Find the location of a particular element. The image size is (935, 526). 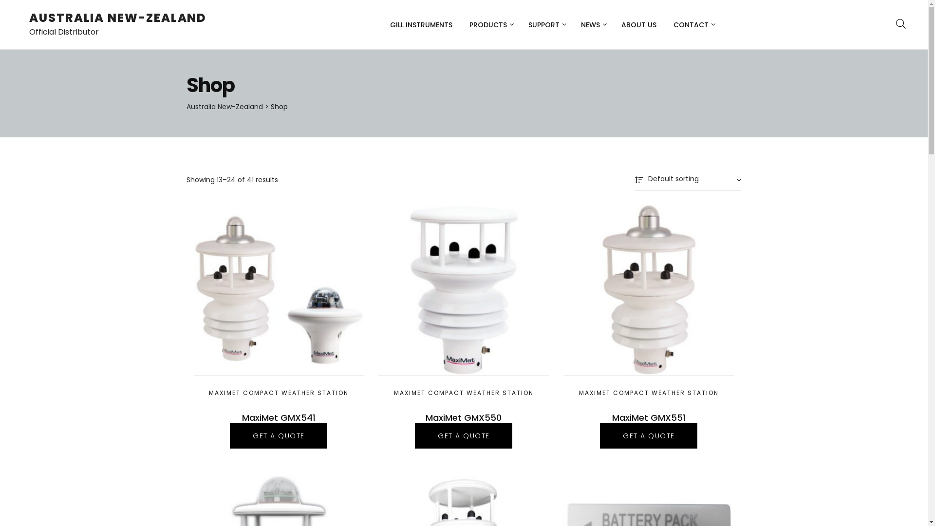

'SUPPORT' is located at coordinates (546, 24).